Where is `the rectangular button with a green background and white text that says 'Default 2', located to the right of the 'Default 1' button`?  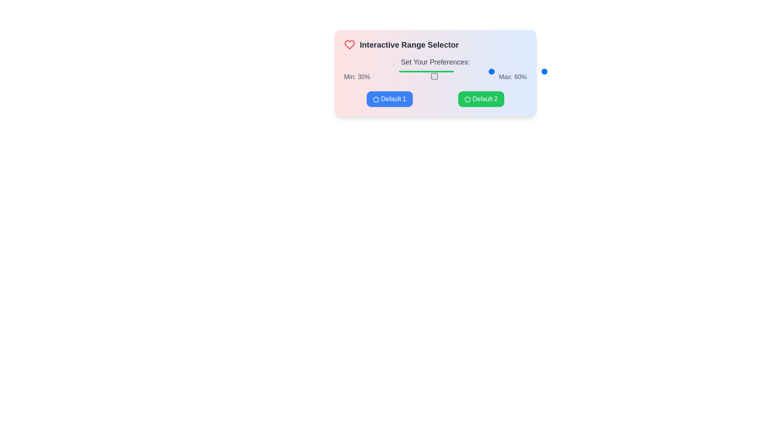 the rectangular button with a green background and white text that says 'Default 2', located to the right of the 'Default 1' button is located at coordinates (481, 98).